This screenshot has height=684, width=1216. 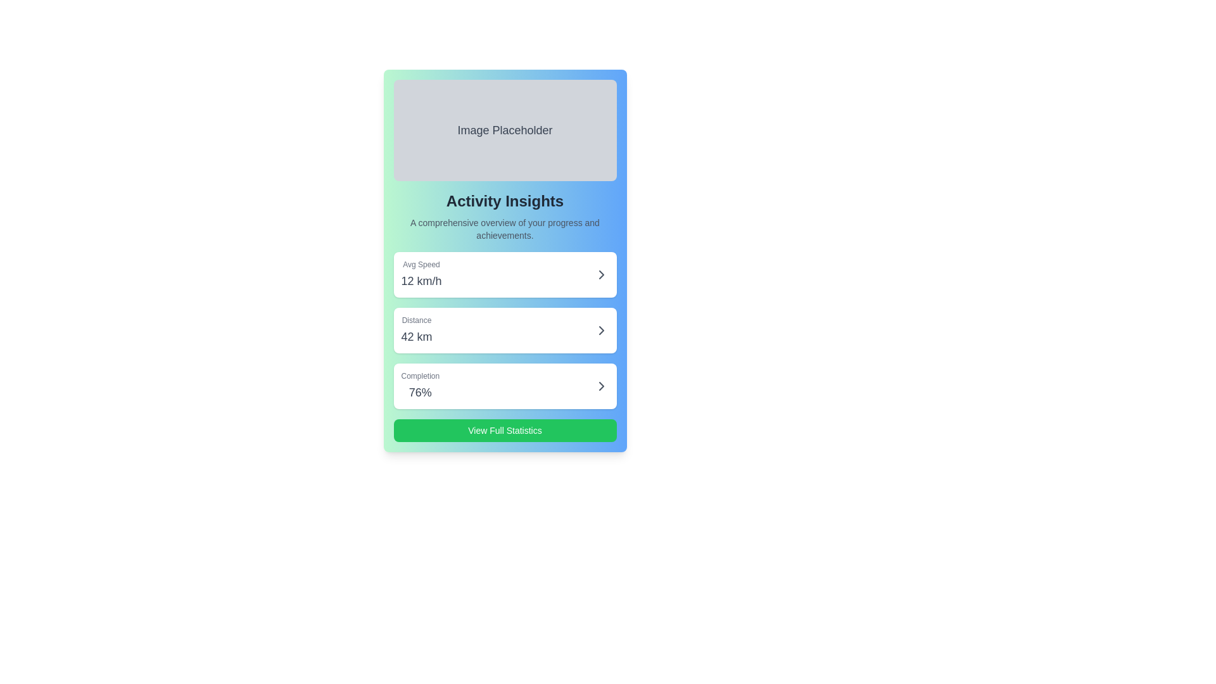 What do you see at coordinates (600, 385) in the screenshot?
I see `the rightward-pointing chevron icon, displayed in dark gray, located next to the 'Completion' text and percentage (76%) in the 'Activity Insights' section` at bounding box center [600, 385].